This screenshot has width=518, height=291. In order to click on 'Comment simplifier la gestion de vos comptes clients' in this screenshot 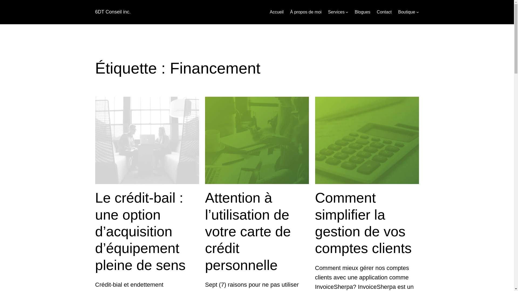, I will do `click(367, 223)`.